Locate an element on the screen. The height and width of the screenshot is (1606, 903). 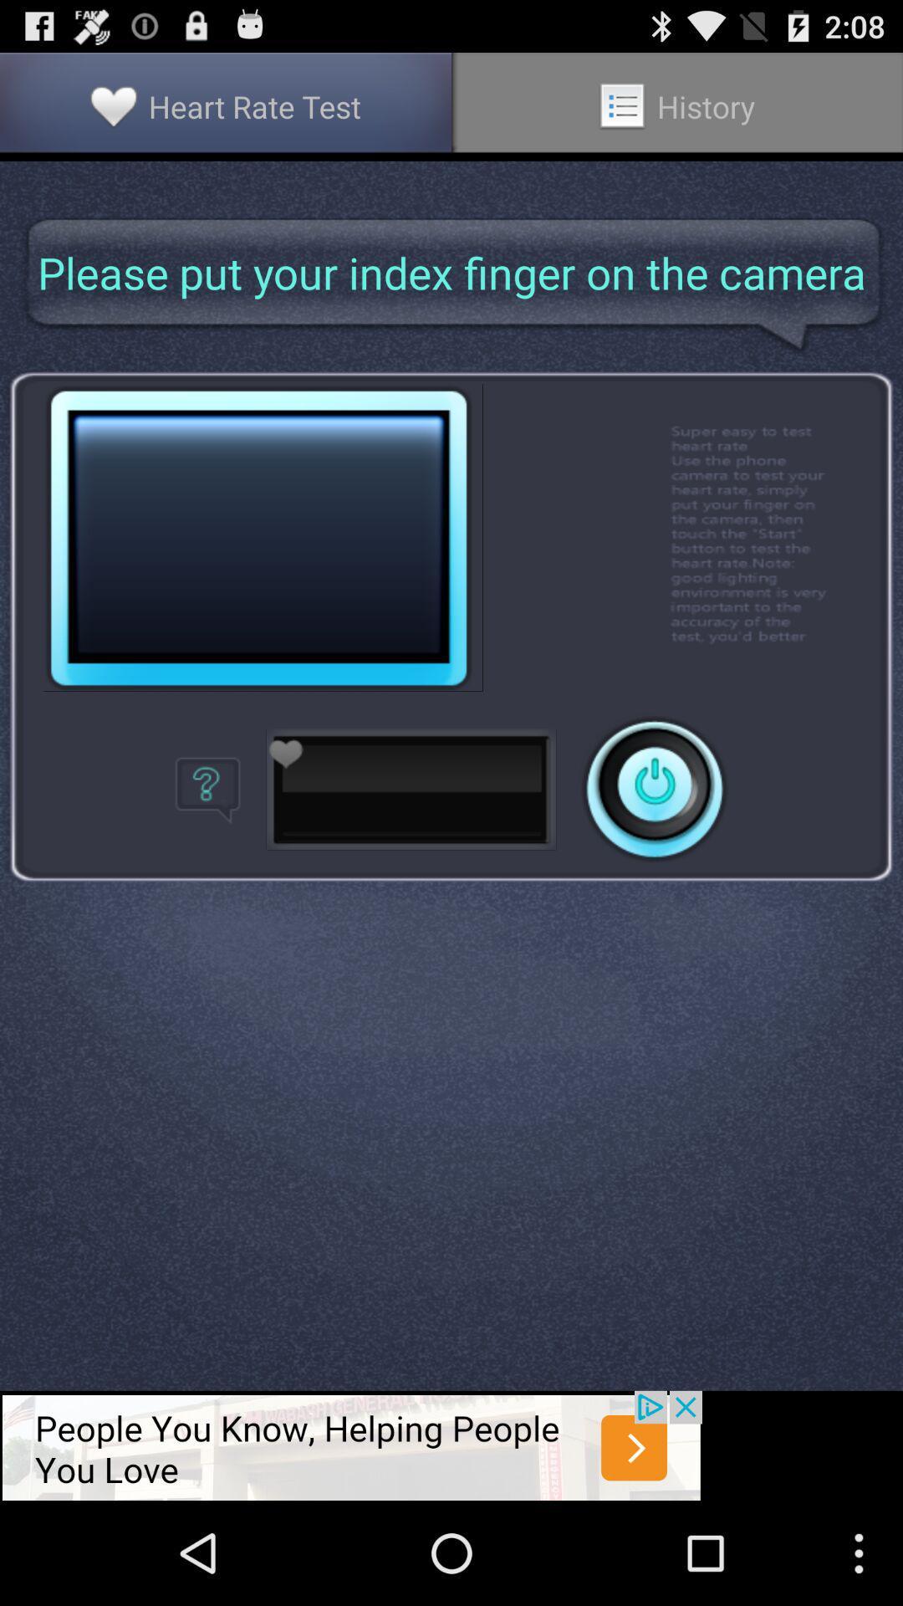
power off is located at coordinates (654, 788).